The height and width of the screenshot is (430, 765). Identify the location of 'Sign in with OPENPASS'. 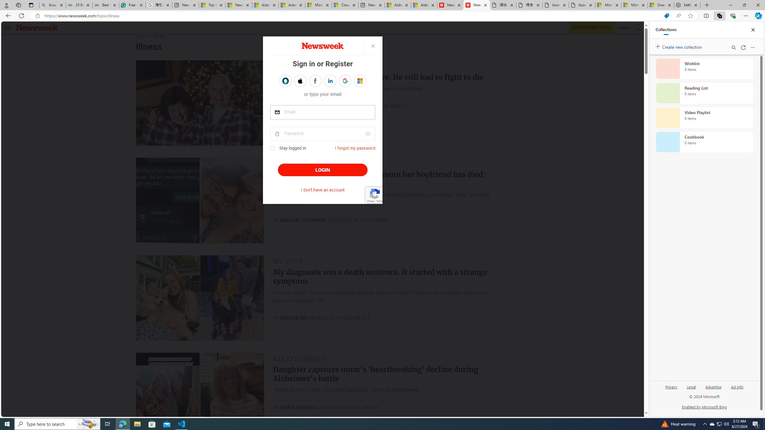
(285, 81).